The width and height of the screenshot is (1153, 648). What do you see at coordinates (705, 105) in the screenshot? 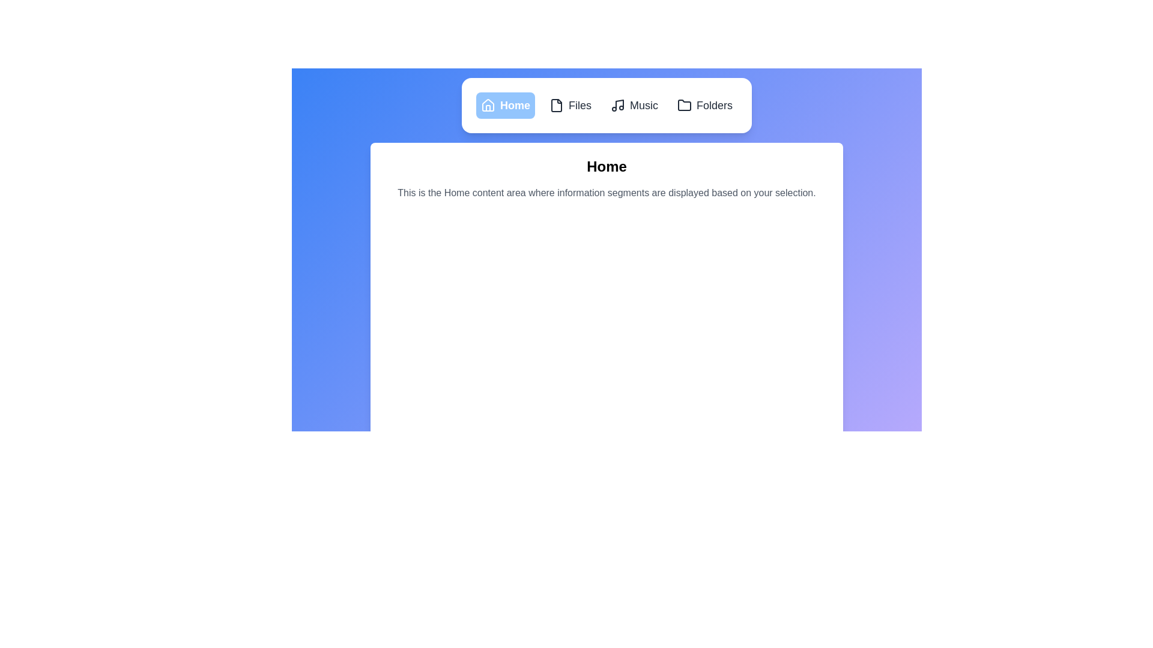
I see `the tab labeled Folders to navigate to its content` at bounding box center [705, 105].